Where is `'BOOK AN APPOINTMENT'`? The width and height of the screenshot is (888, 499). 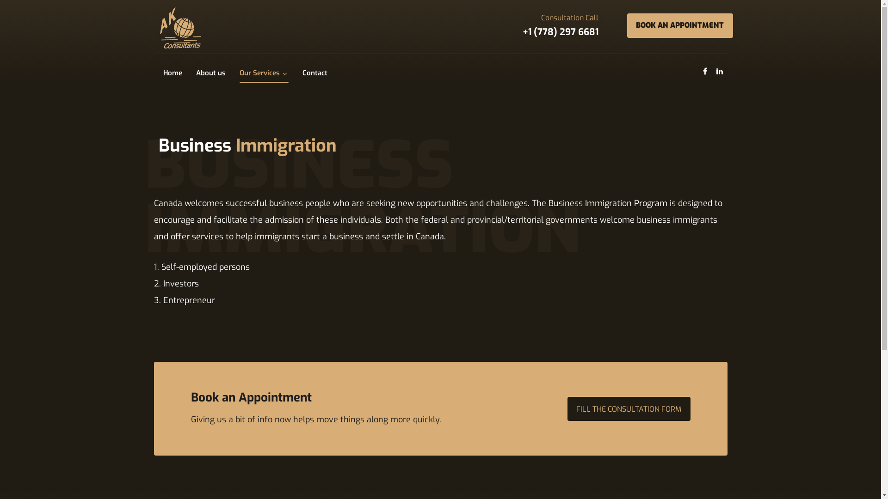 'BOOK AN APPOINTMENT' is located at coordinates (679, 25).